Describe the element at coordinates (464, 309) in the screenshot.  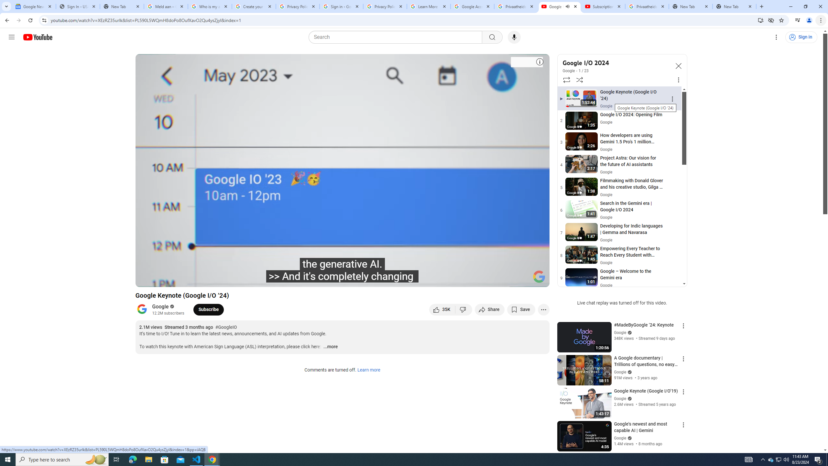
I see `'Dislike this video'` at that location.